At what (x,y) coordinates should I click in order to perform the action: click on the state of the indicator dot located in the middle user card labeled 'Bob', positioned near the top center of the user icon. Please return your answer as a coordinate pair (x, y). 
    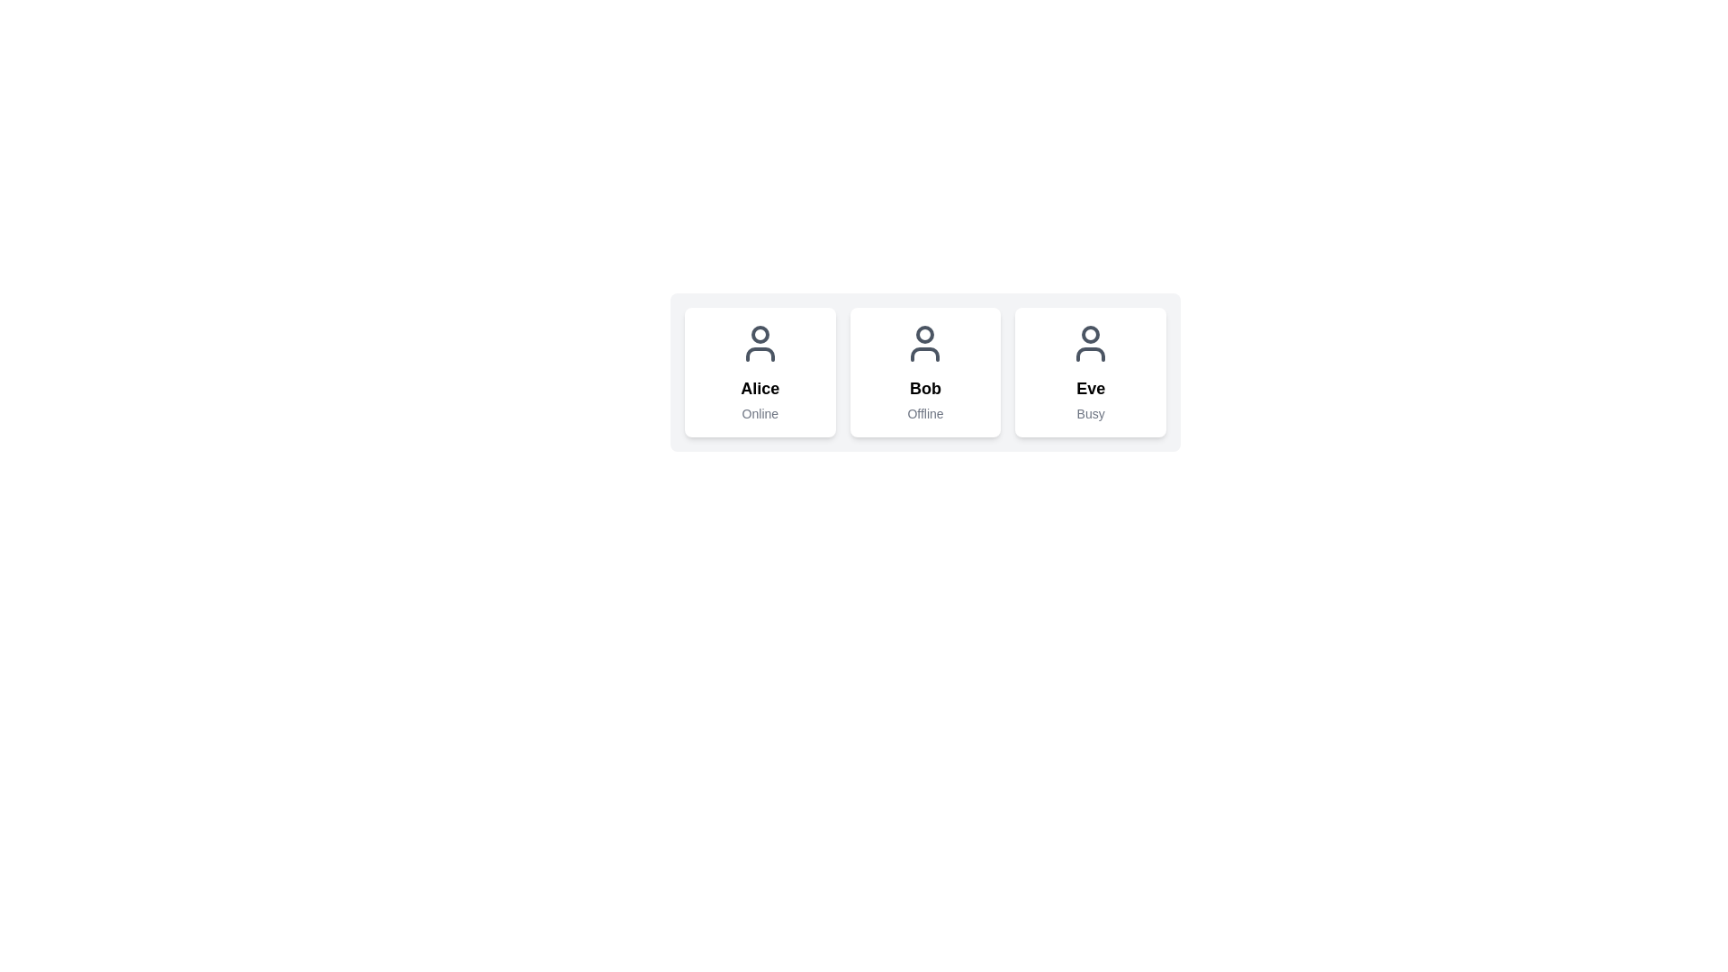
    Looking at the image, I should click on (925, 334).